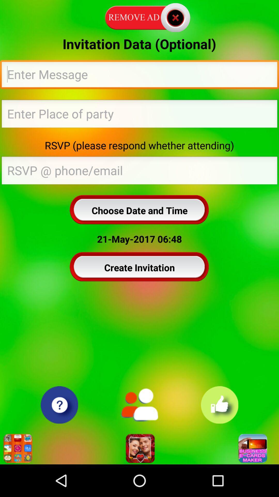 The image size is (279, 497). Describe the element at coordinates (139, 267) in the screenshot. I see `the create invitation button` at that location.